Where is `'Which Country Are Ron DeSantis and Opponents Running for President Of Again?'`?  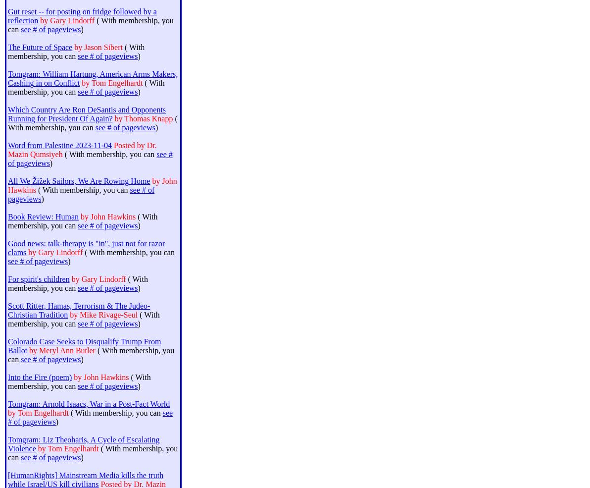 'Which Country Are Ron DeSantis and Opponents Running for President Of Again?' is located at coordinates (86, 113).